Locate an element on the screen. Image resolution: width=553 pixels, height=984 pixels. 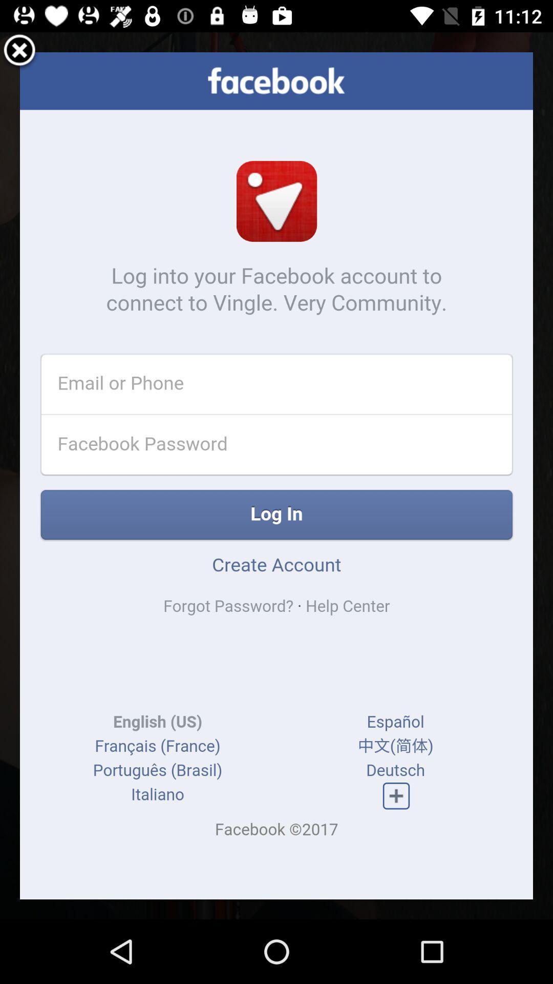
log in to facebook is located at coordinates (276, 475).